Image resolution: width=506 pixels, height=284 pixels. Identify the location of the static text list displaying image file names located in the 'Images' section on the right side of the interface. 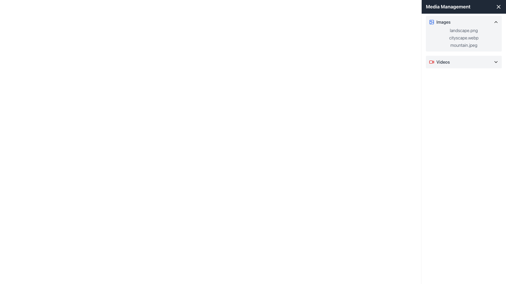
(464, 37).